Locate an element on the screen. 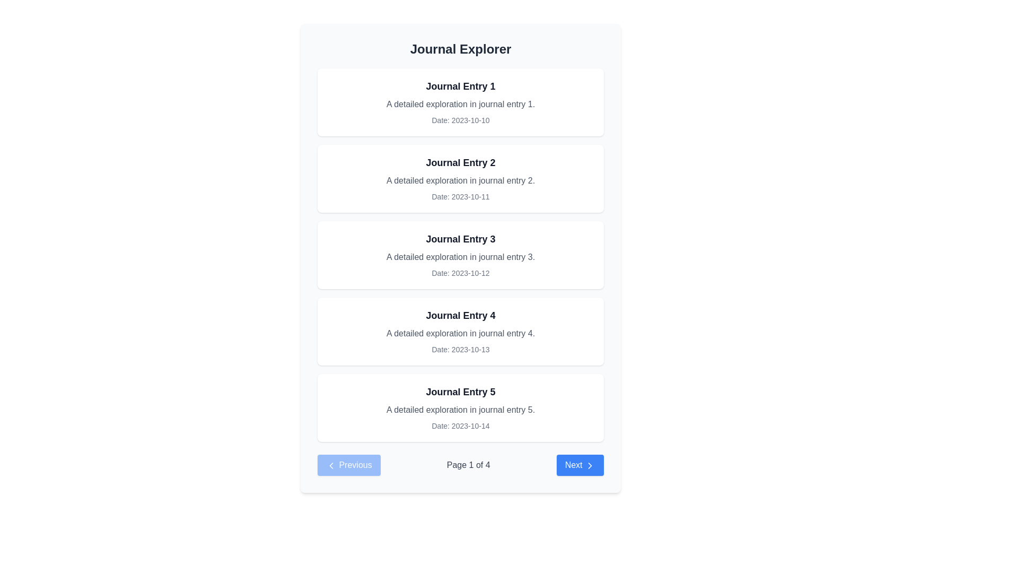 This screenshot has height=573, width=1018. the 'Next' button located at the bottom-right corner of the interface which contains the right arrow icon is located at coordinates (590, 464).